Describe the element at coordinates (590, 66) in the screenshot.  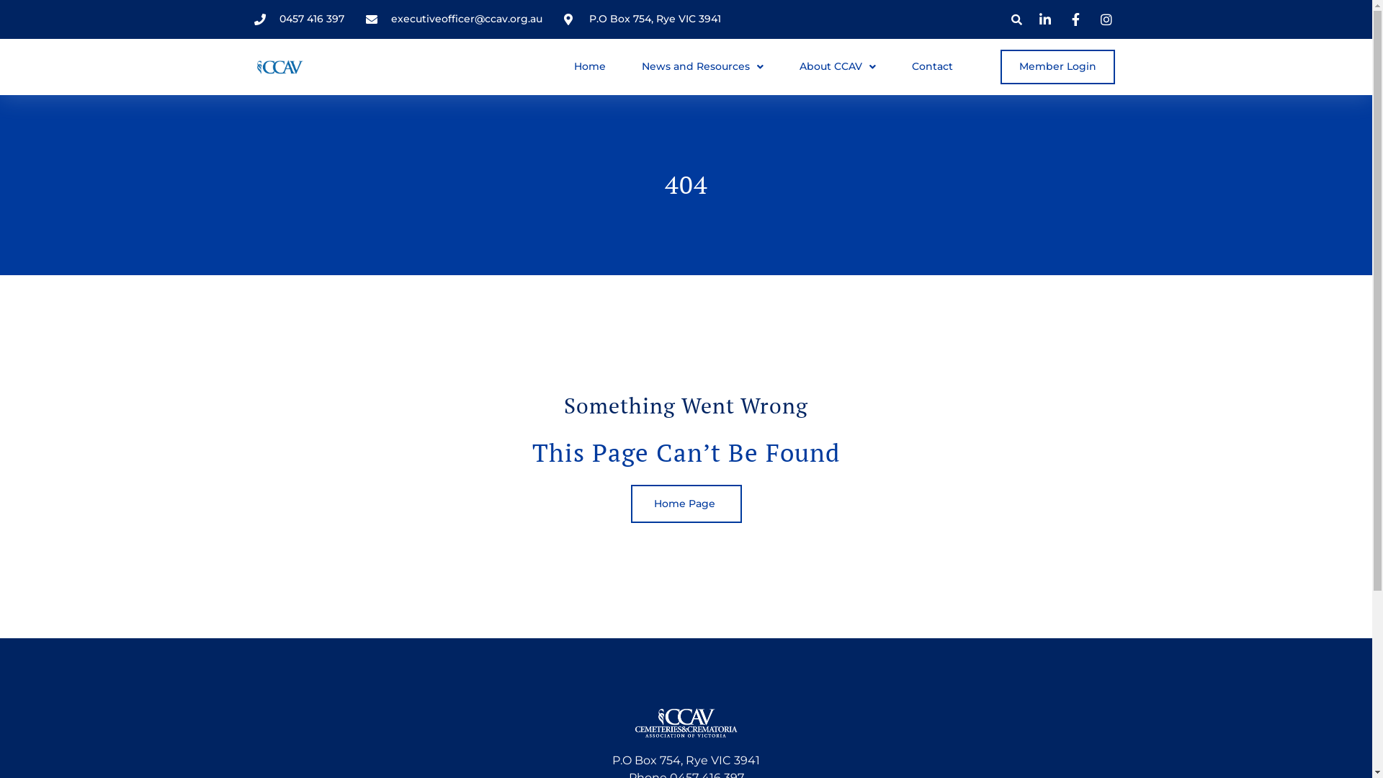
I see `'Home'` at that location.